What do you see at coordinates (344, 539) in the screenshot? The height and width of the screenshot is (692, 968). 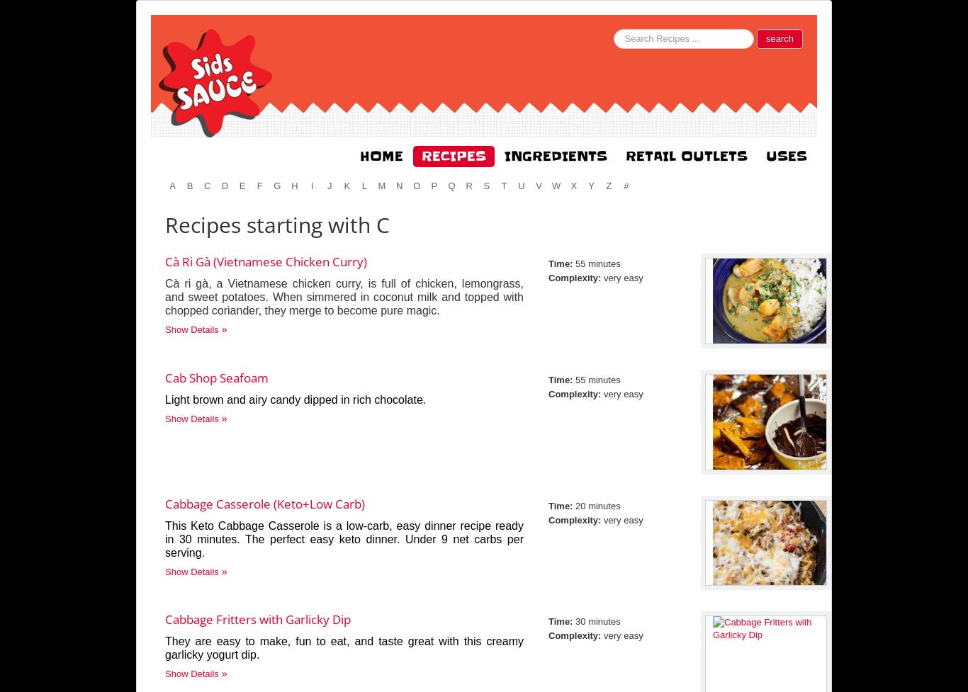 I see `'This Keto Cabbage Casserole is a low-carb, easy dinner recipe ready in 30 minutes. The perfect easy keto dinner. Under 9 net carbs per serving.'` at bounding box center [344, 539].